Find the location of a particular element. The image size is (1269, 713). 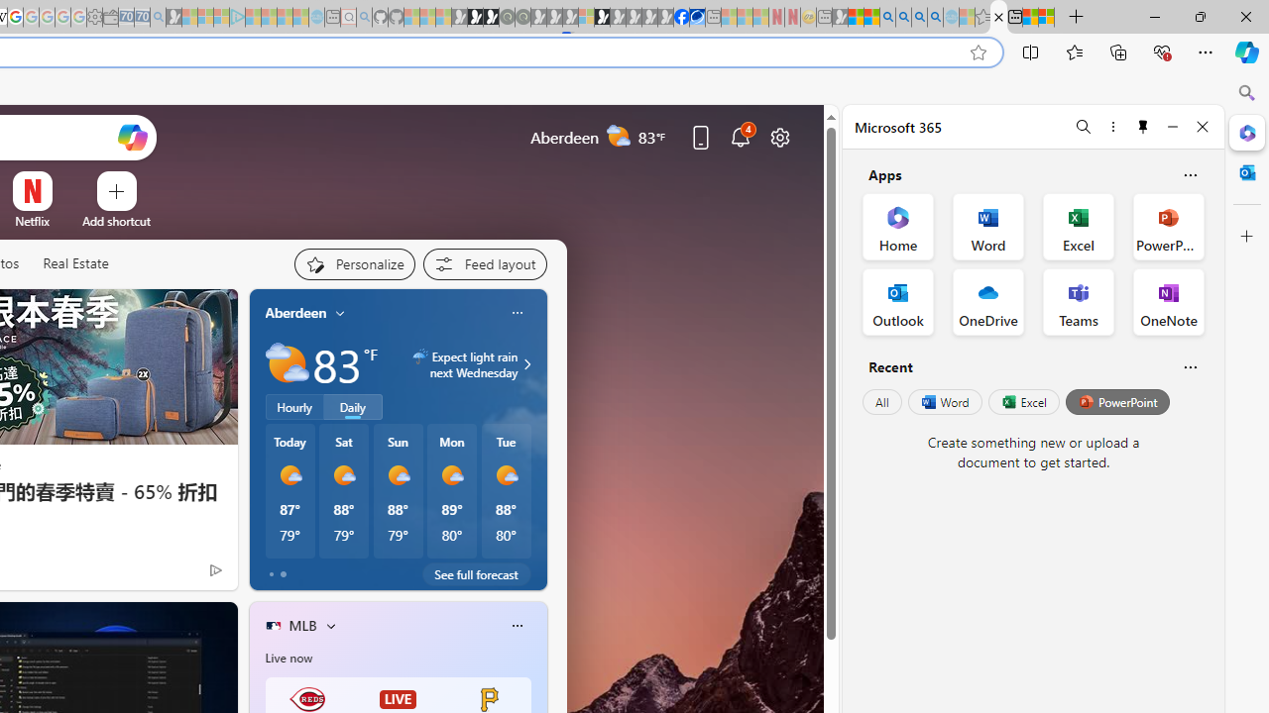

'Partly sunny' is located at coordinates (286, 364).